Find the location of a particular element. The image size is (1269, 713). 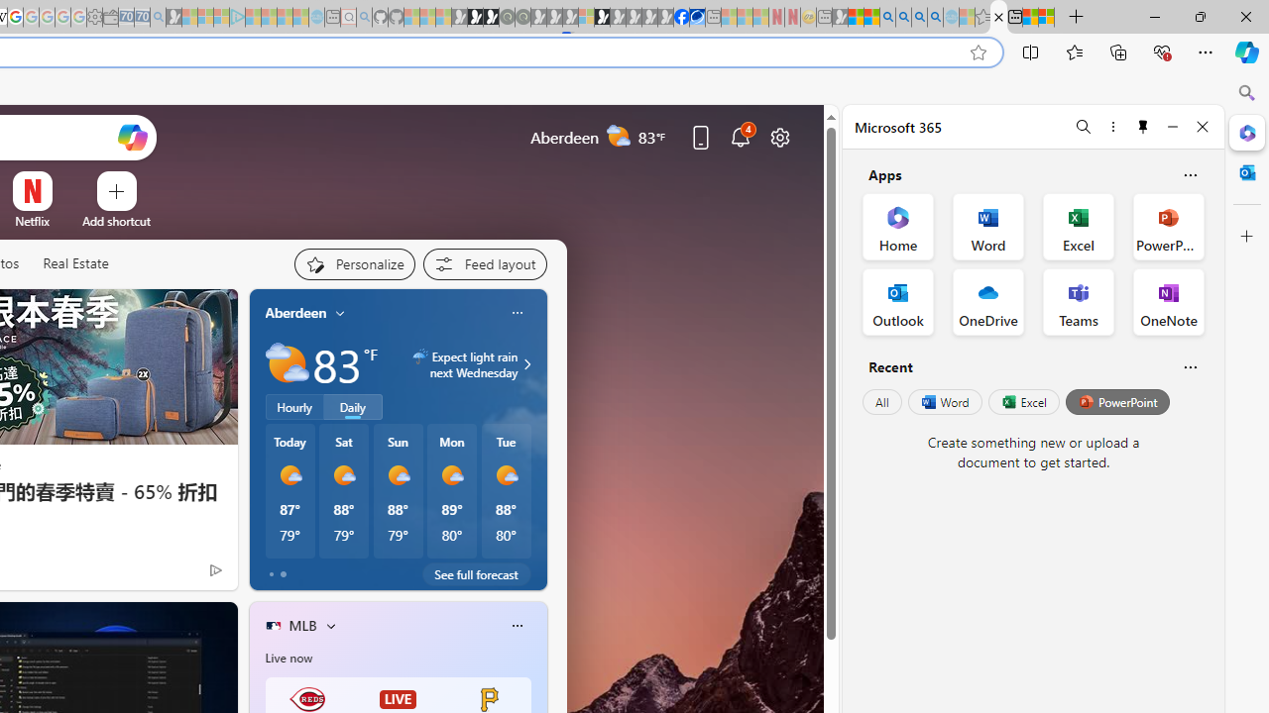

'Partly sunny' is located at coordinates (286, 364).